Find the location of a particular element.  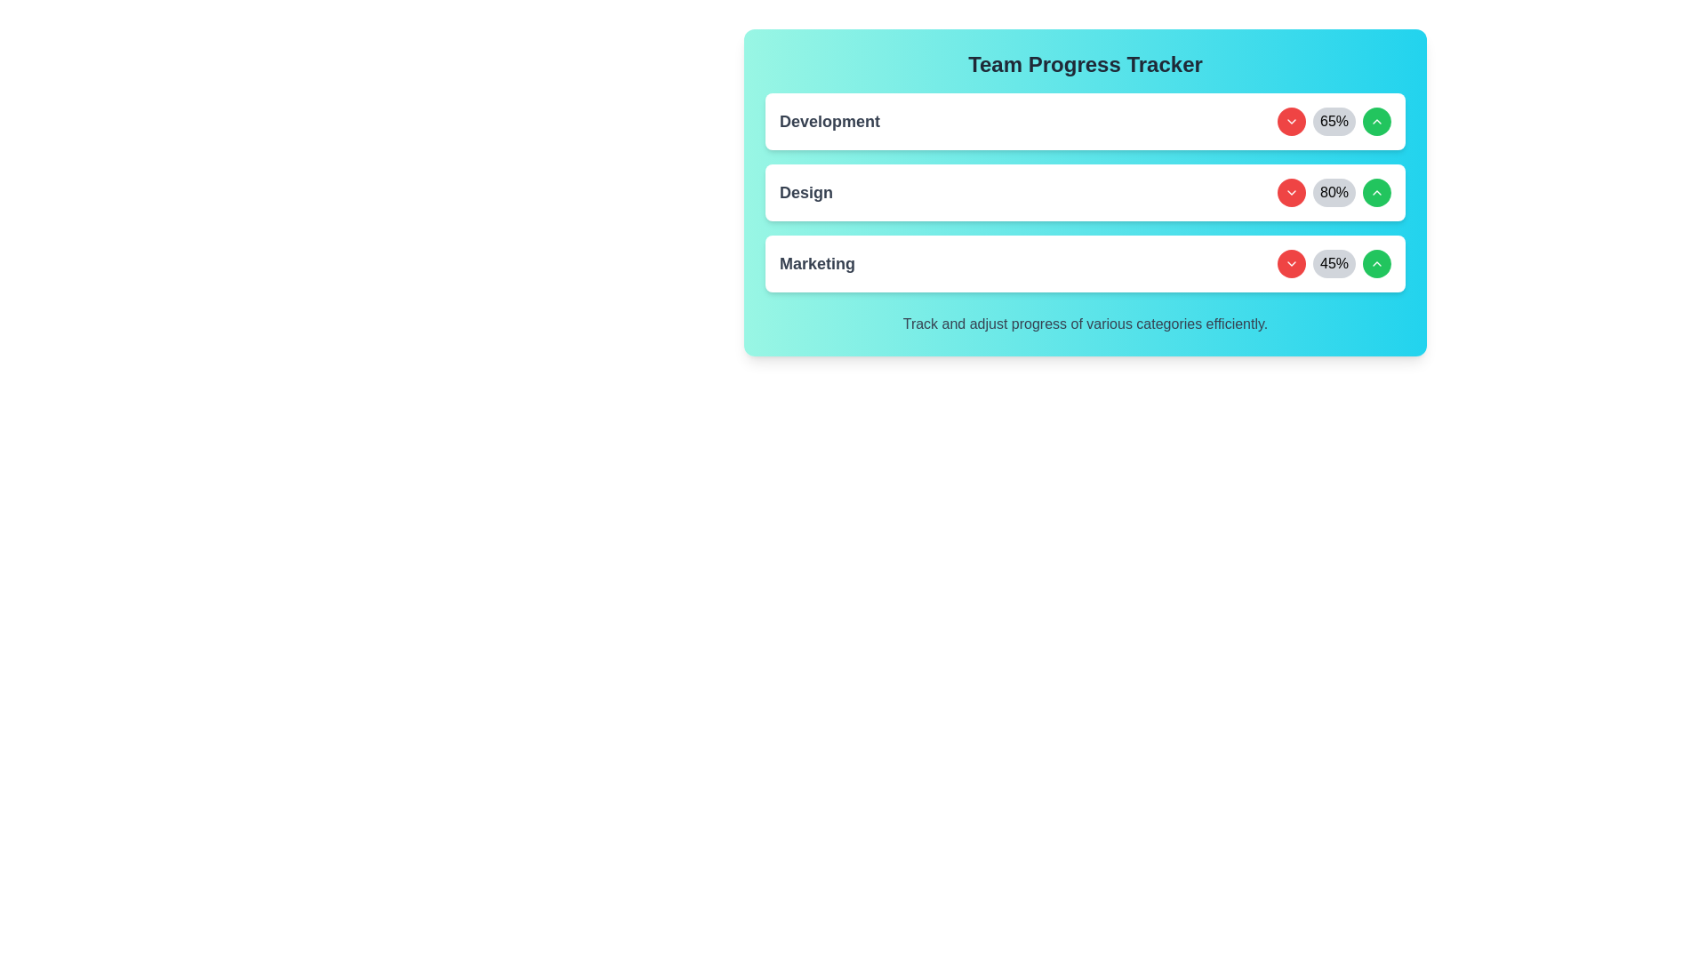

the Chevron Up icon located in the top-right corner of the green circular button is located at coordinates (1376, 264).